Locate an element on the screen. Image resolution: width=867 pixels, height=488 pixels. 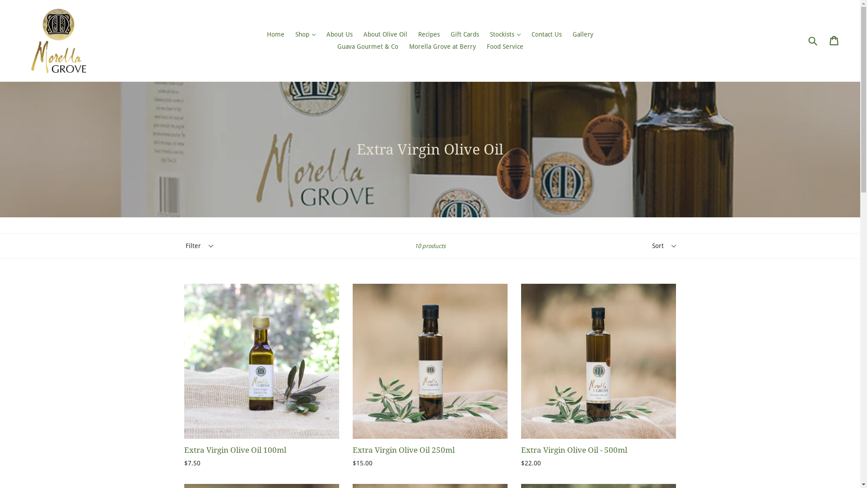
'Cart is located at coordinates (830, 40).